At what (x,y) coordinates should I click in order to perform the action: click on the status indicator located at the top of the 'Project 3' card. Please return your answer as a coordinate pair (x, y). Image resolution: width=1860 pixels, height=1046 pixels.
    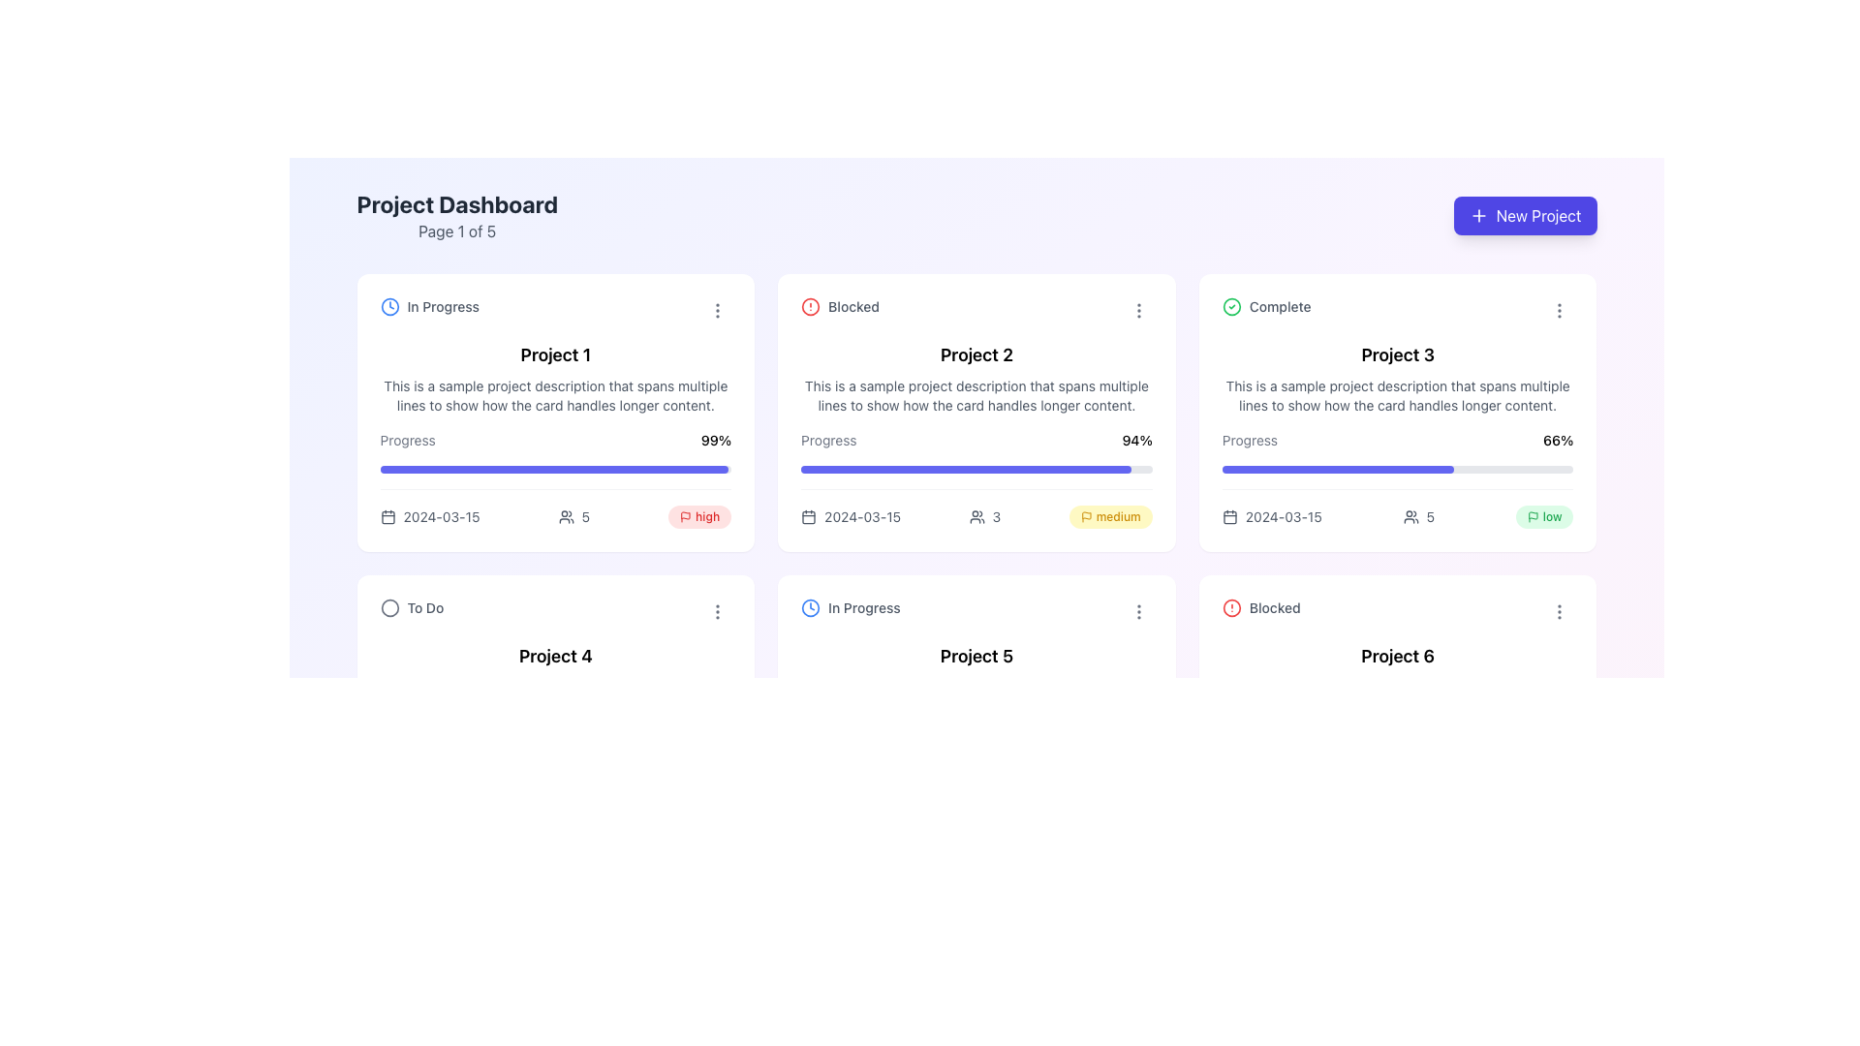
    Looking at the image, I should click on (1398, 310).